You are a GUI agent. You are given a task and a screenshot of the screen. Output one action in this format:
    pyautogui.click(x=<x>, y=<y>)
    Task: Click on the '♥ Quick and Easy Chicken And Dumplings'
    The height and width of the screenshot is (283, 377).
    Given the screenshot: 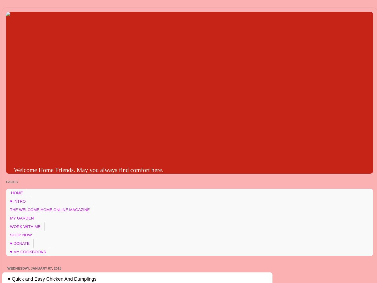 What is the action you would take?
    pyautogui.click(x=7, y=279)
    